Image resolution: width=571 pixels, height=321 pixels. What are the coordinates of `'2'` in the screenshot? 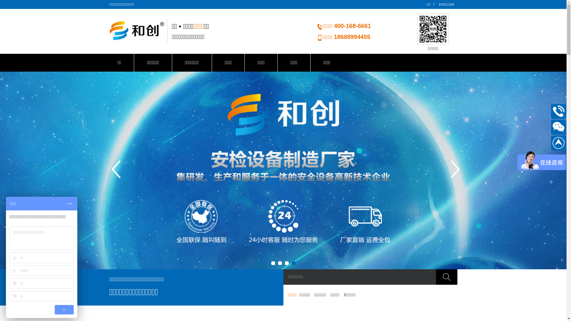 It's located at (279, 263).